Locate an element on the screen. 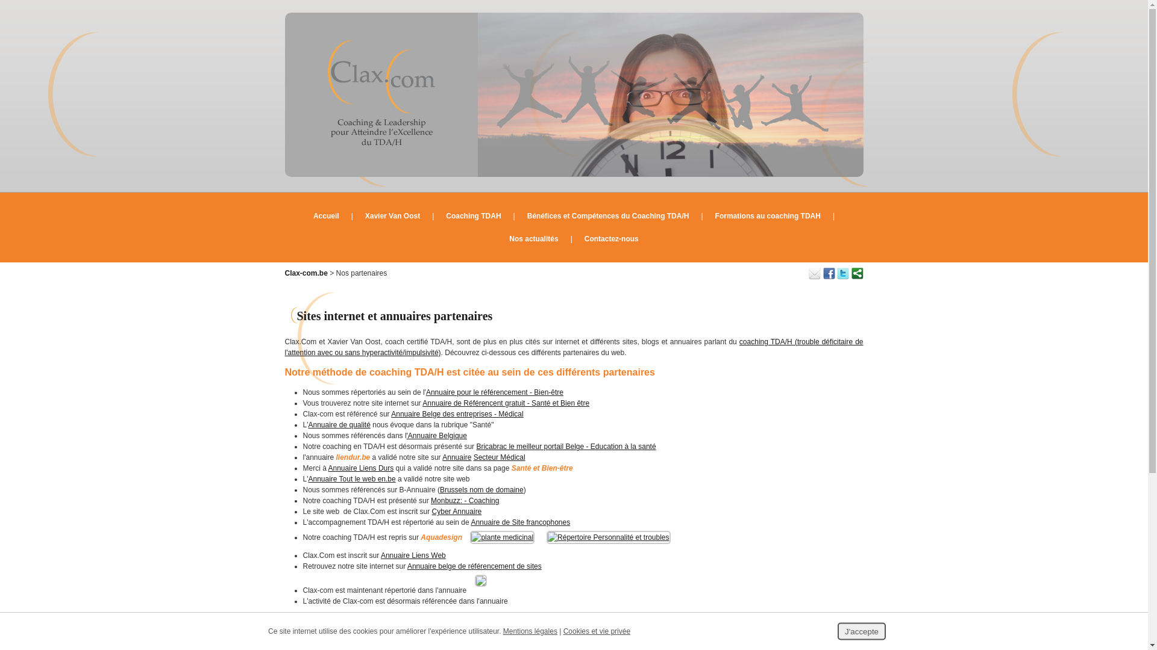 This screenshot has width=1157, height=650. 'Annuaire Liens Durs' is located at coordinates (360, 468).